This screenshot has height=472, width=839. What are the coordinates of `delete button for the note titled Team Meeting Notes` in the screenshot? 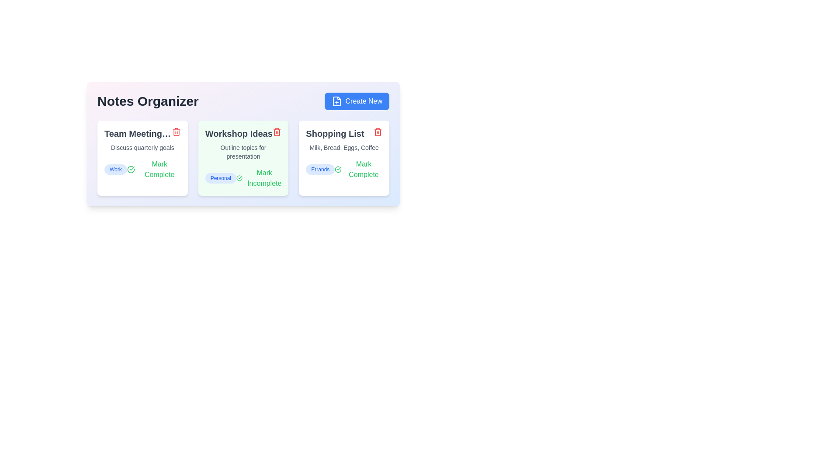 It's located at (176, 132).